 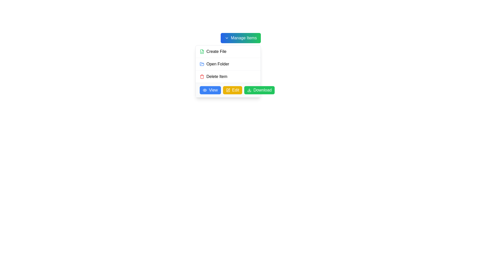 I want to click on the second button in the horizontal row of three buttons, so click(x=232, y=90).